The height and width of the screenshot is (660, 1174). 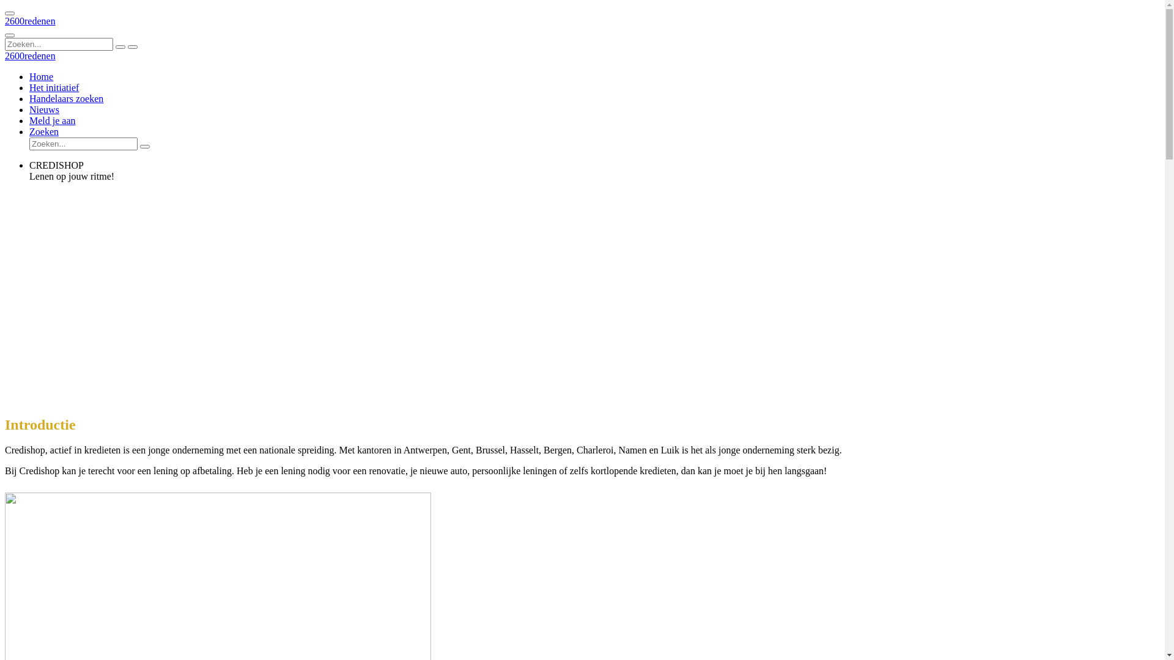 What do you see at coordinates (44, 131) in the screenshot?
I see `'Zoeken'` at bounding box center [44, 131].